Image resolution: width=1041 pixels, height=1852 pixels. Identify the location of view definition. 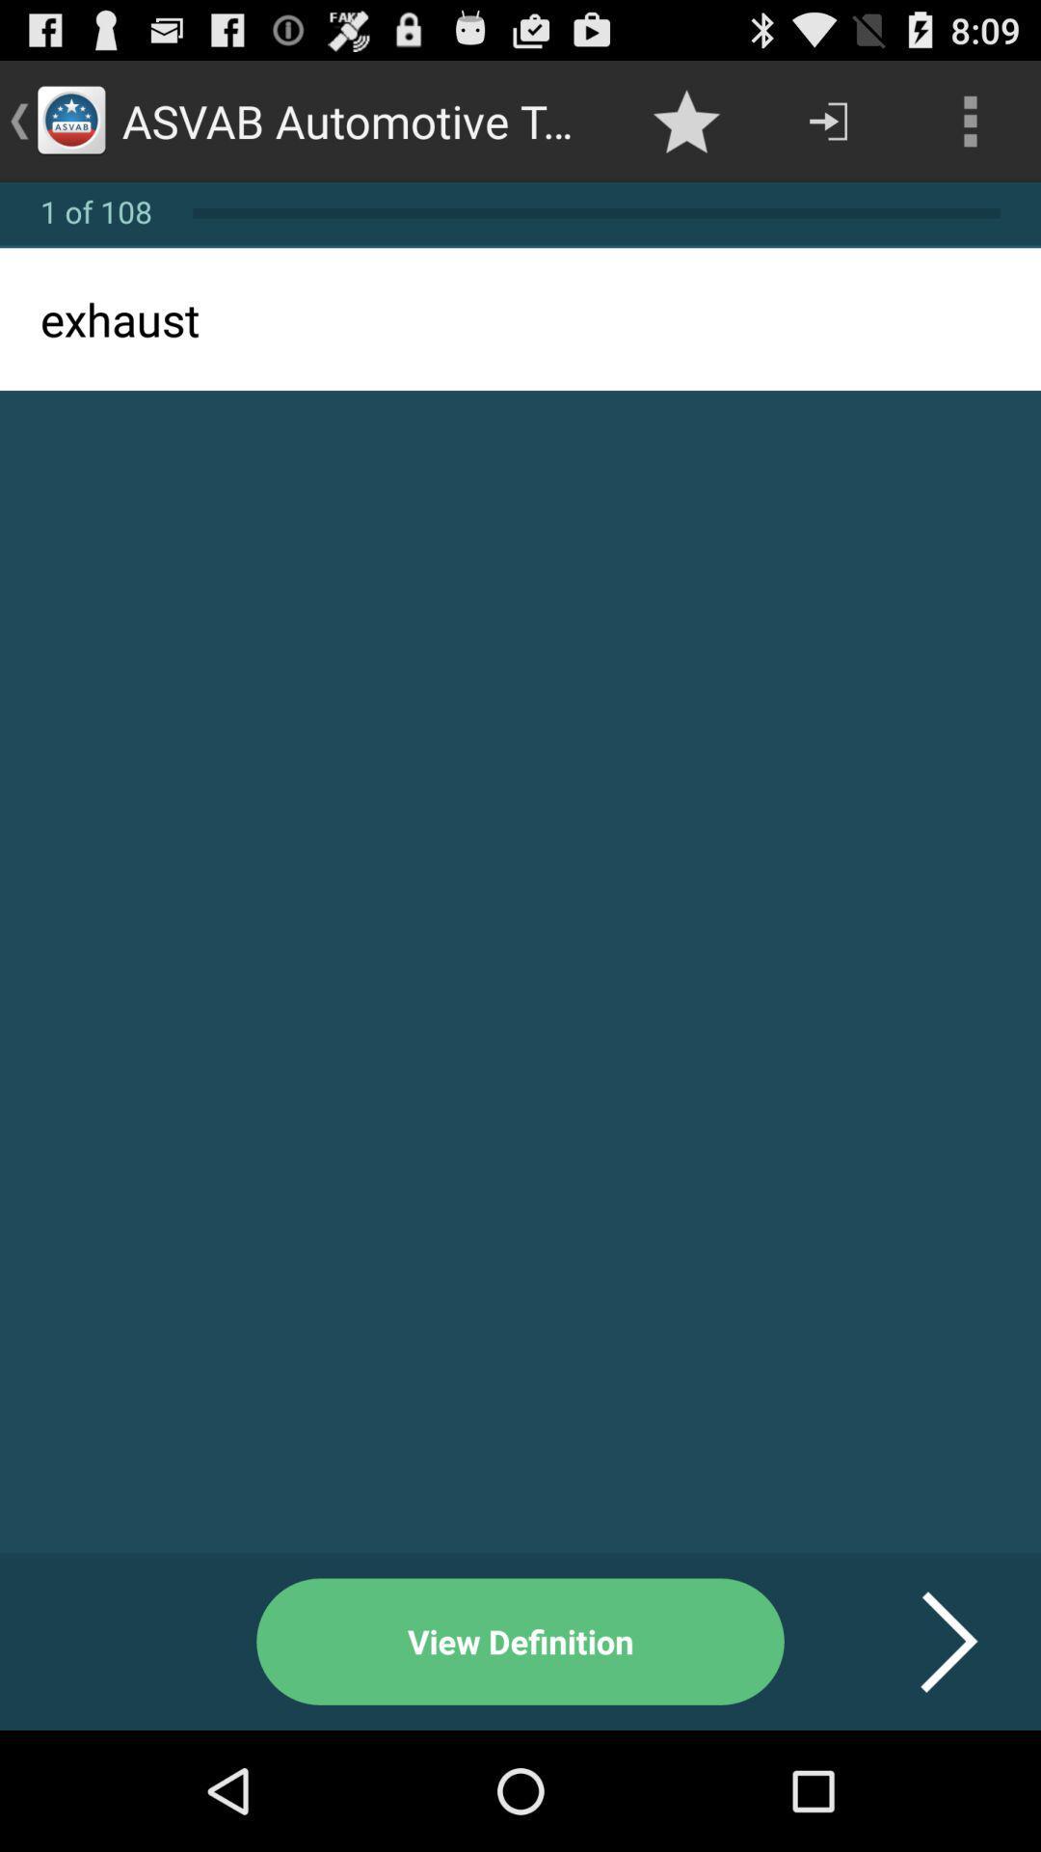
(520, 1641).